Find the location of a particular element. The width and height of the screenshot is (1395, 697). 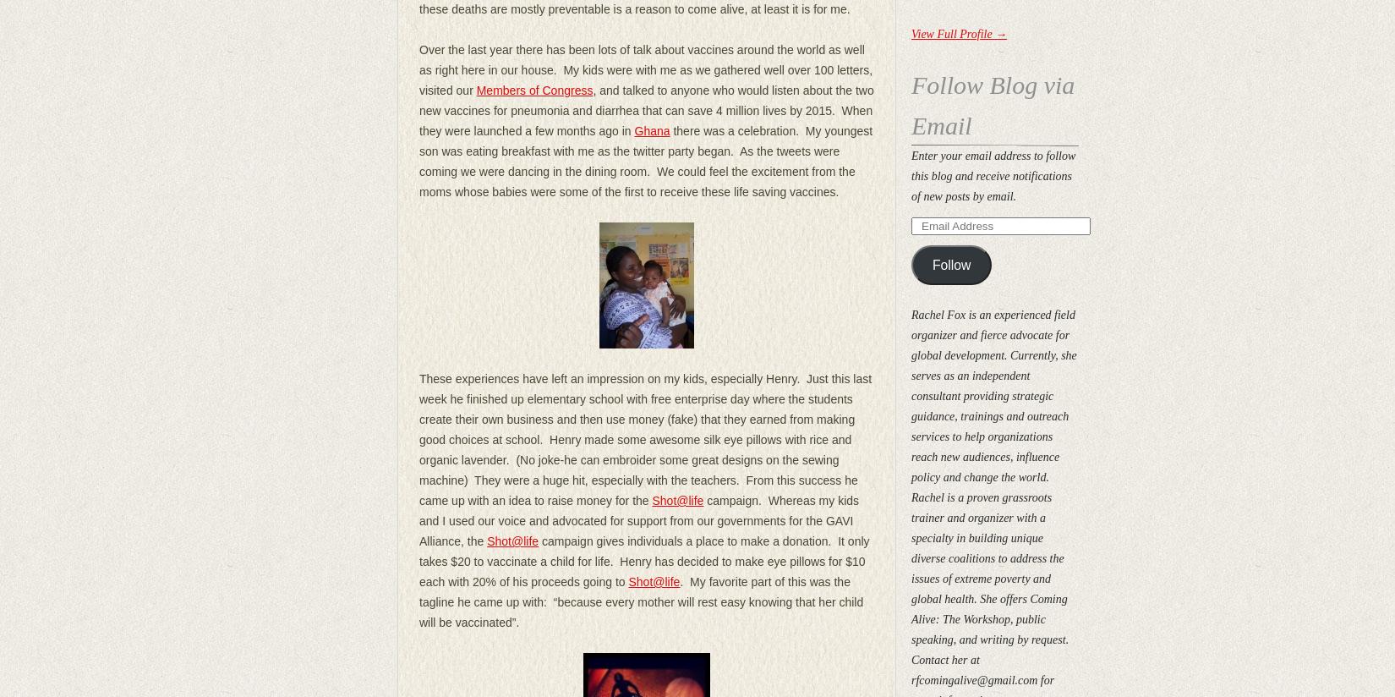

'Ghana' is located at coordinates (651, 129).